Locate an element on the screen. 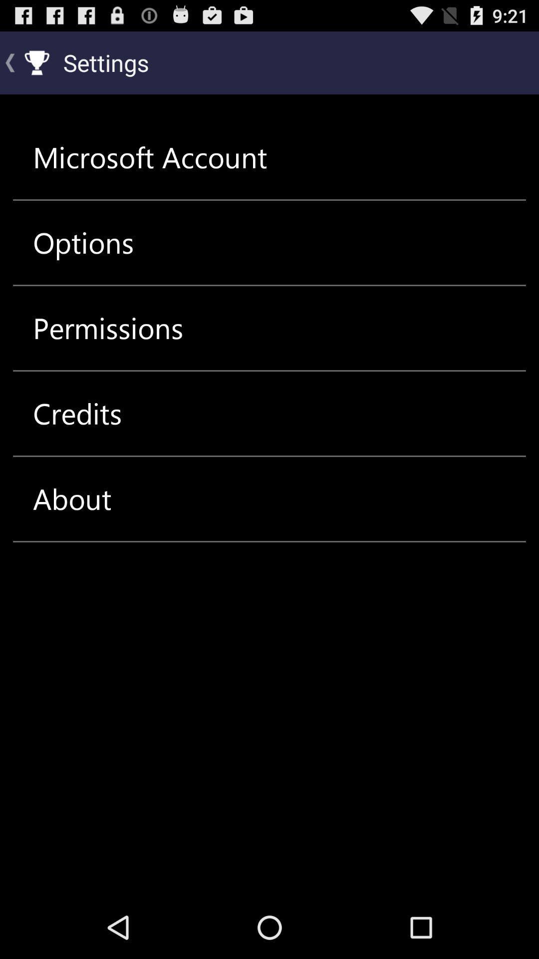 The image size is (539, 959). about is located at coordinates (71, 498).